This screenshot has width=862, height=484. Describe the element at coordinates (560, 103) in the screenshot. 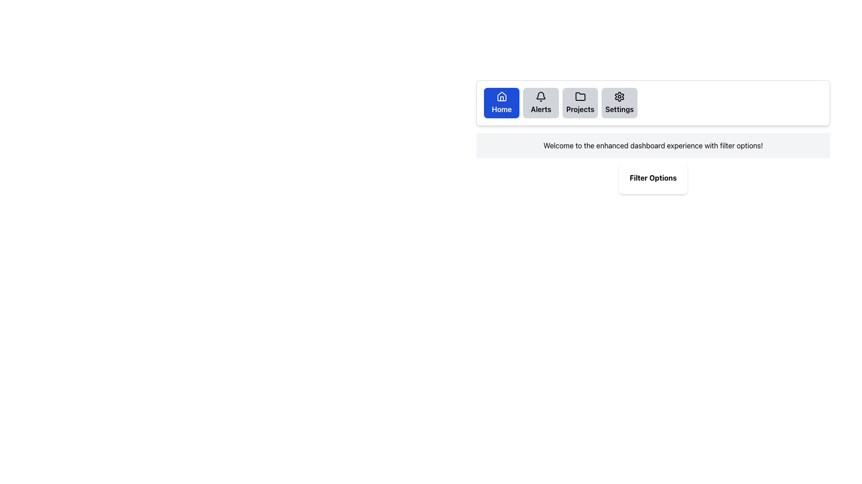

I see `the 'Projects' button in the Navigation Bar to manage projects` at that location.